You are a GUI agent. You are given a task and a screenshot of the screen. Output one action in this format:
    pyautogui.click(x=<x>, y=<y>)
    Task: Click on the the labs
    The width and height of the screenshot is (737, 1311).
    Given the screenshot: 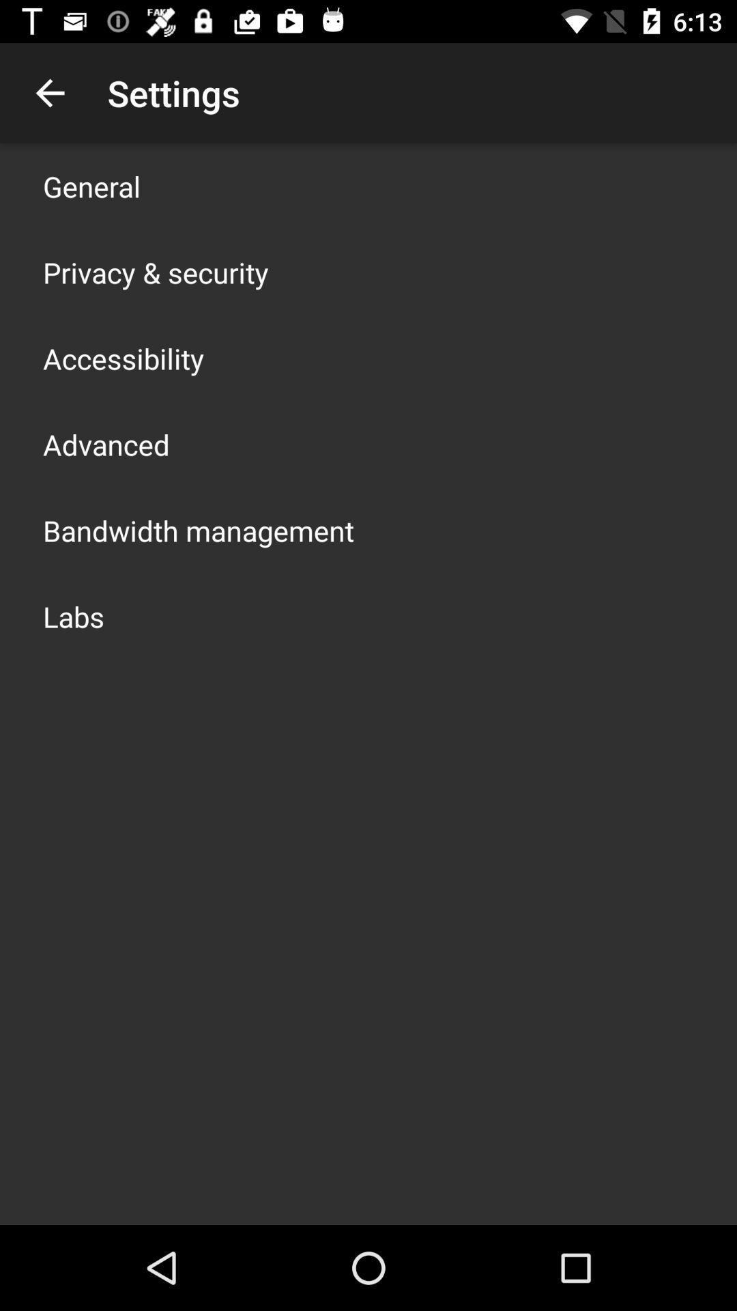 What is the action you would take?
    pyautogui.click(x=74, y=615)
    